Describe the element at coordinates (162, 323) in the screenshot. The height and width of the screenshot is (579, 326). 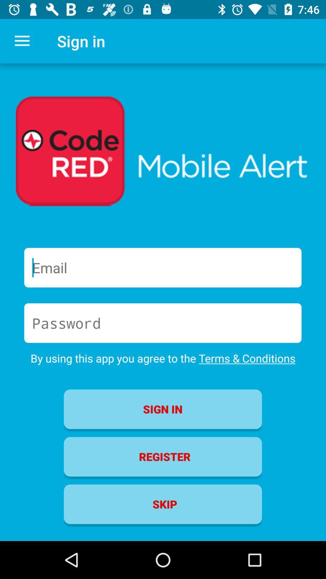
I see `password entry` at that location.